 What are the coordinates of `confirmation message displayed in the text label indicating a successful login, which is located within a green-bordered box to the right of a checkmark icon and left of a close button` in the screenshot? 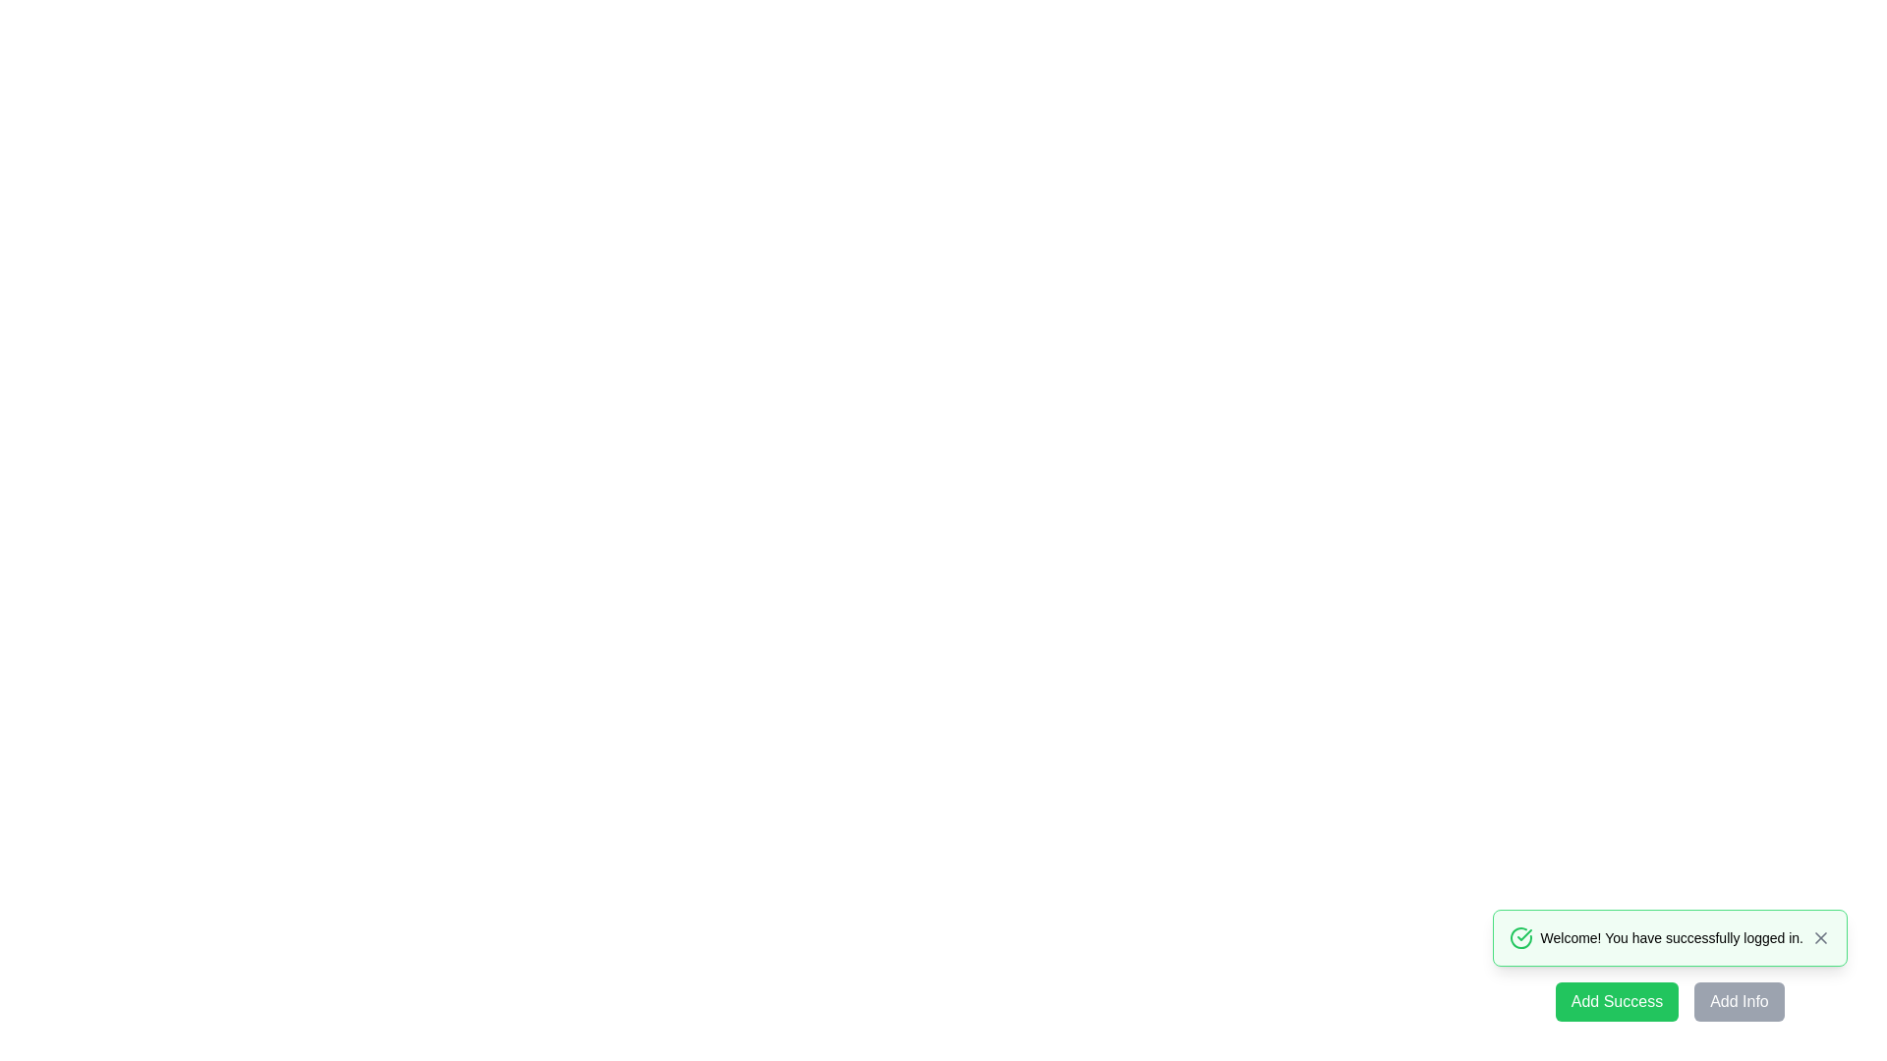 It's located at (1671, 937).